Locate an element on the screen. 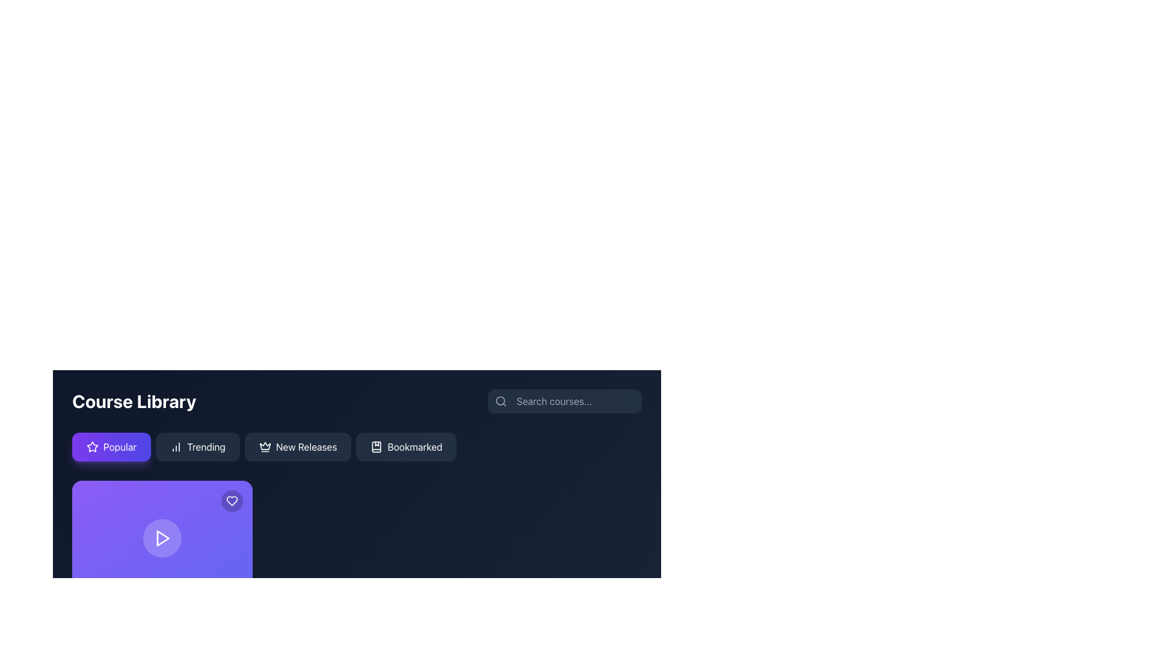  the search icon located at the top-right side of the interface, which visually represents the search capability of the associated input field is located at coordinates (501, 401).